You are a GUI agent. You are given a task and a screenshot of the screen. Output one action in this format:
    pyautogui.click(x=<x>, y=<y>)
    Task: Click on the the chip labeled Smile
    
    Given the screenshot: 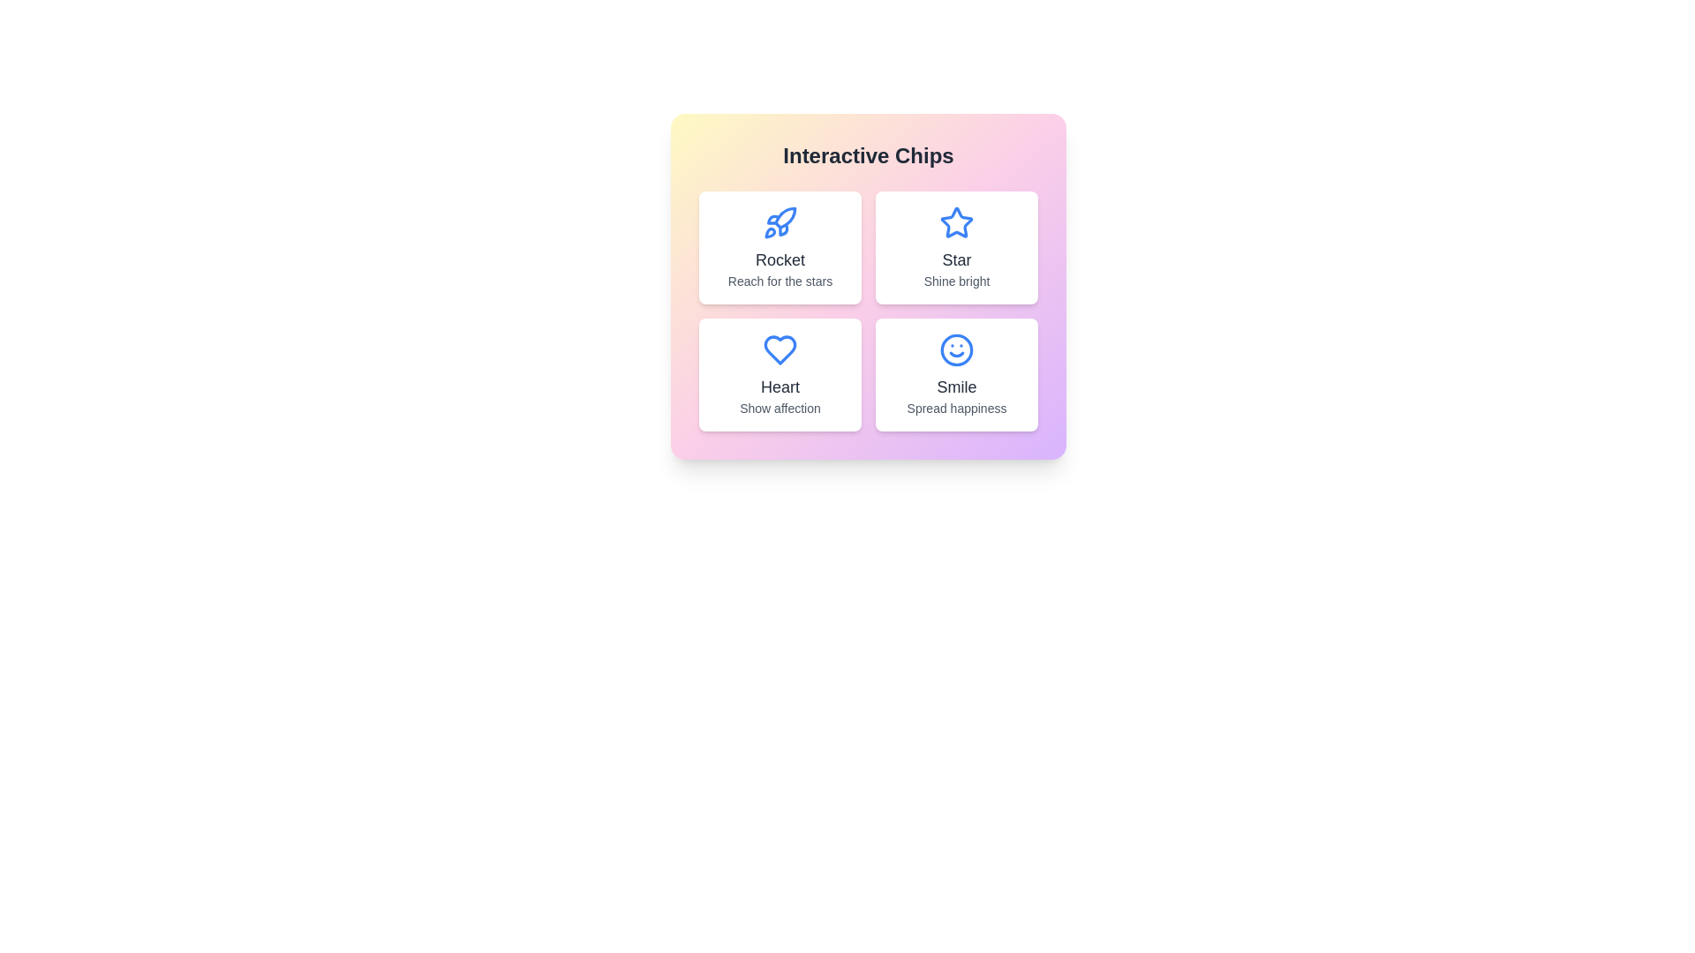 What is the action you would take?
    pyautogui.click(x=956, y=373)
    